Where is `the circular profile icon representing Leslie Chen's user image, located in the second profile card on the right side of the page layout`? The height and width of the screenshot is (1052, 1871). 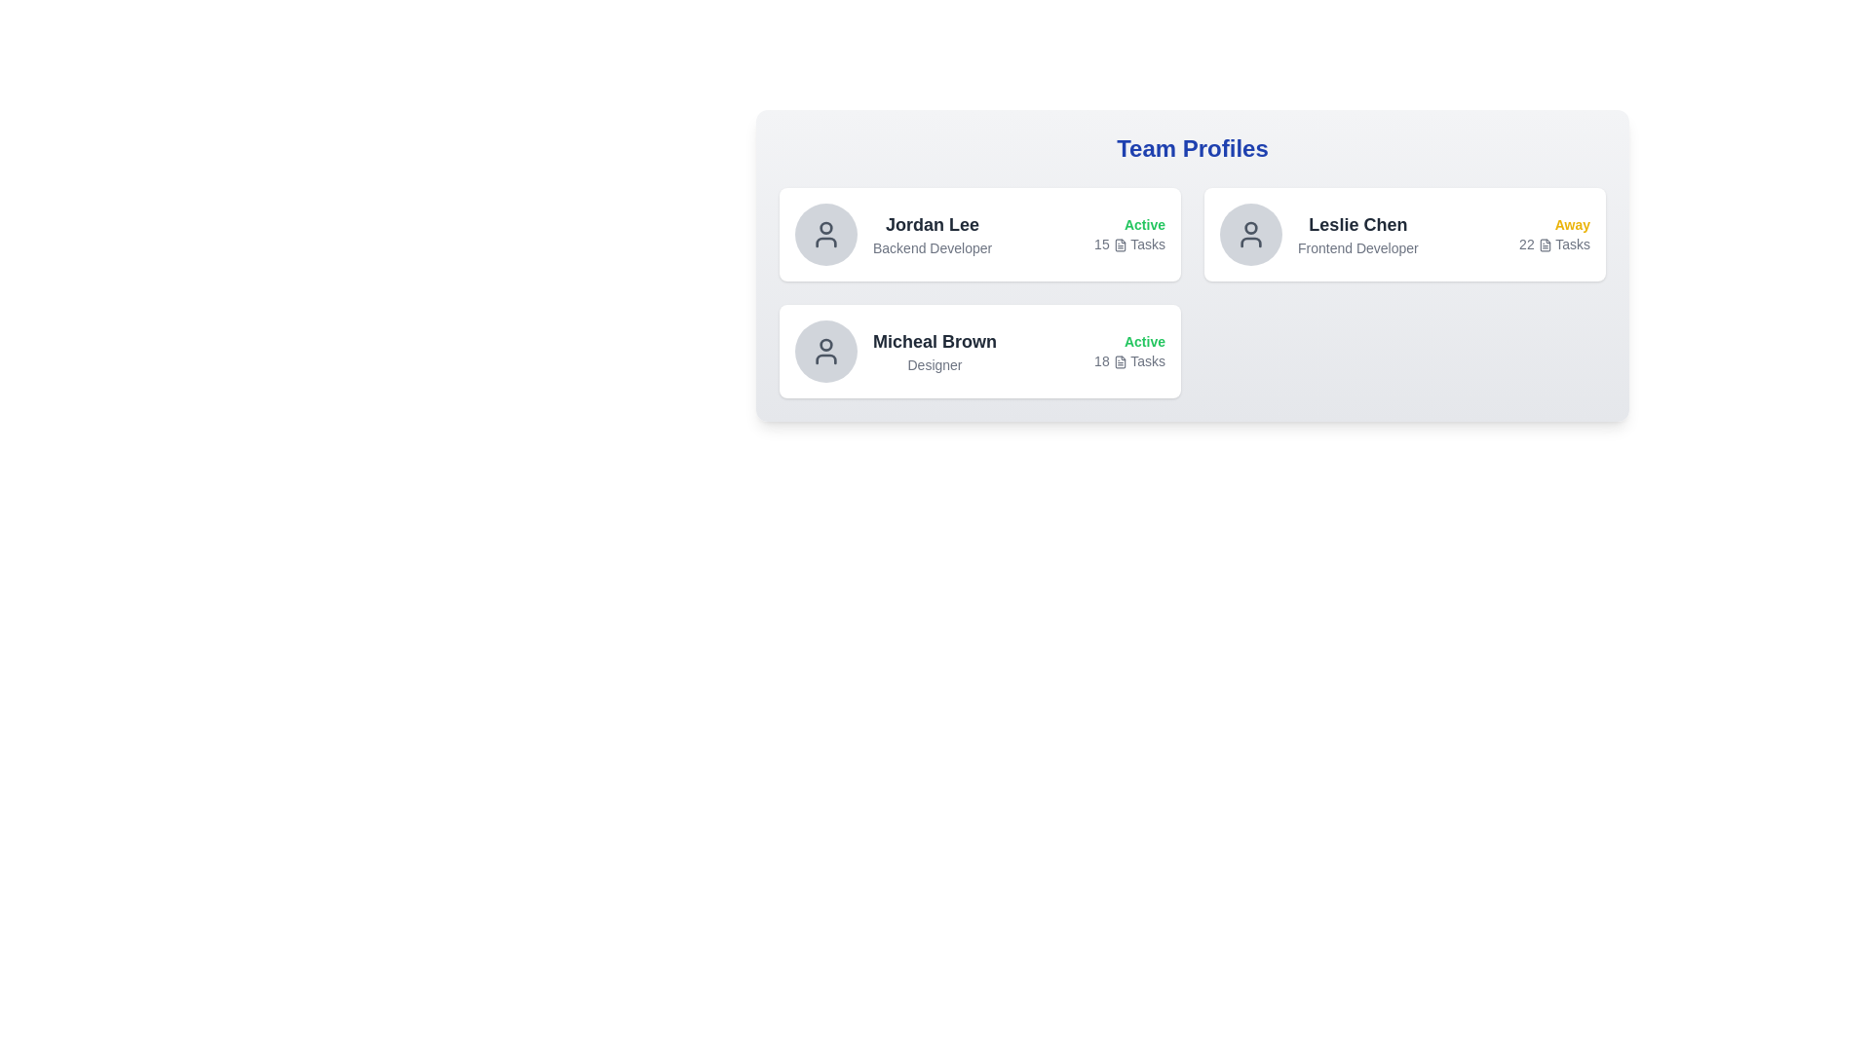 the circular profile icon representing Leslie Chen's user image, located in the second profile card on the right side of the page layout is located at coordinates (1250, 227).